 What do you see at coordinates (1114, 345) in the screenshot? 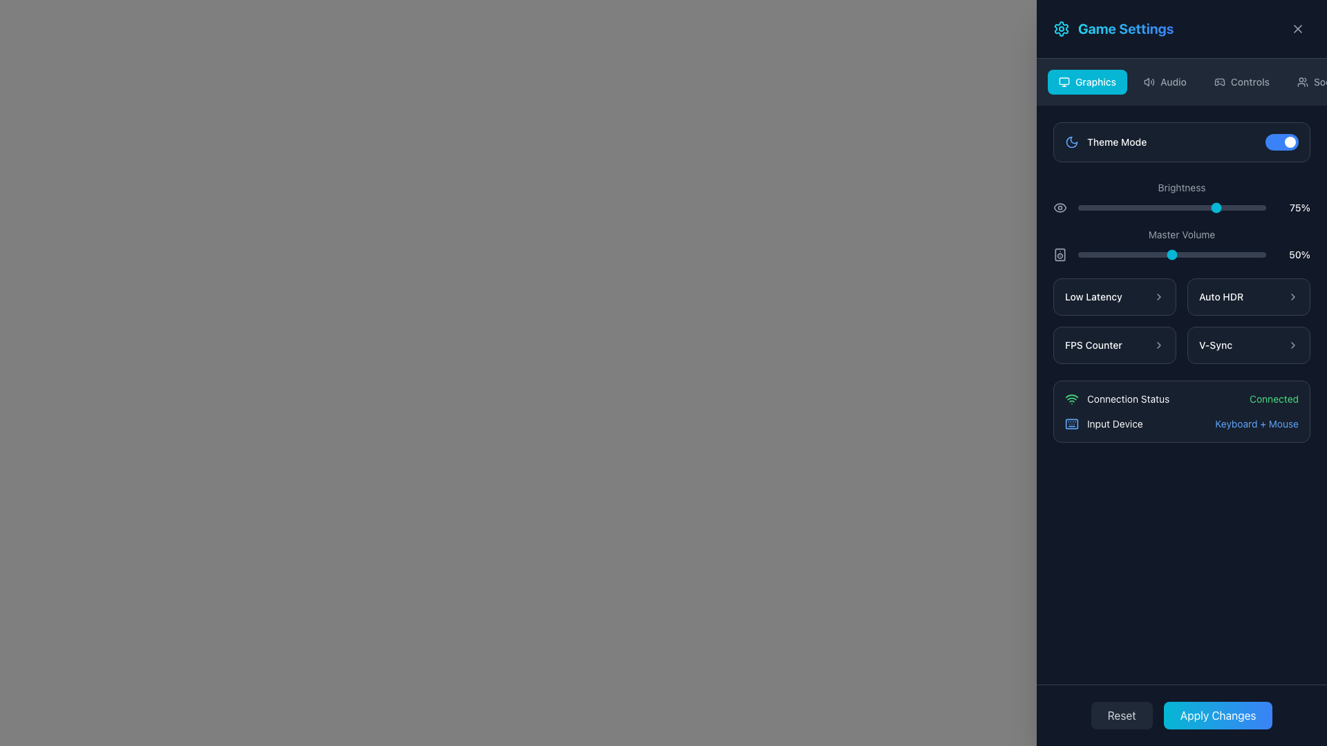
I see `the third button in the settings pane that accesses the FPS Counter feature` at bounding box center [1114, 345].